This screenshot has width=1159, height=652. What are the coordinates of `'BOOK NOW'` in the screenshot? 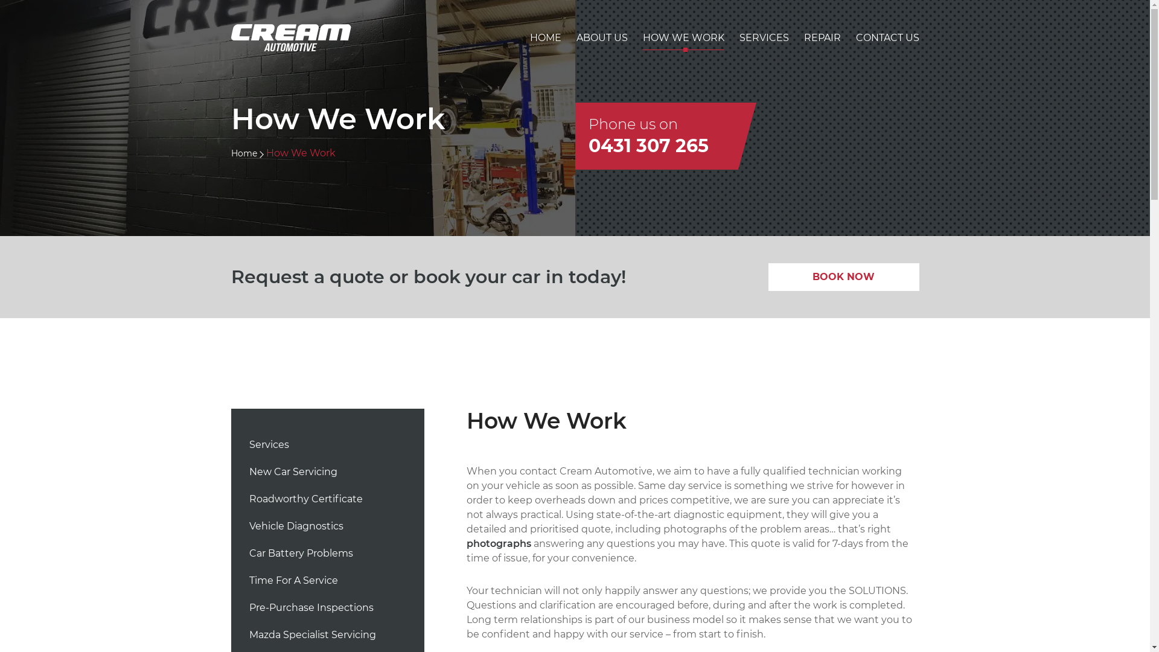 It's located at (842, 277).